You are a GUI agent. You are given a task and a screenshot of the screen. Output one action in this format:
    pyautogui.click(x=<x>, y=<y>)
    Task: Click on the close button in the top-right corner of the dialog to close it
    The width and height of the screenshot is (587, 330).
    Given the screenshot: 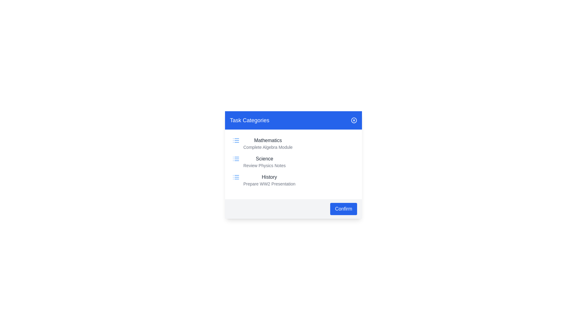 What is the action you would take?
    pyautogui.click(x=354, y=120)
    